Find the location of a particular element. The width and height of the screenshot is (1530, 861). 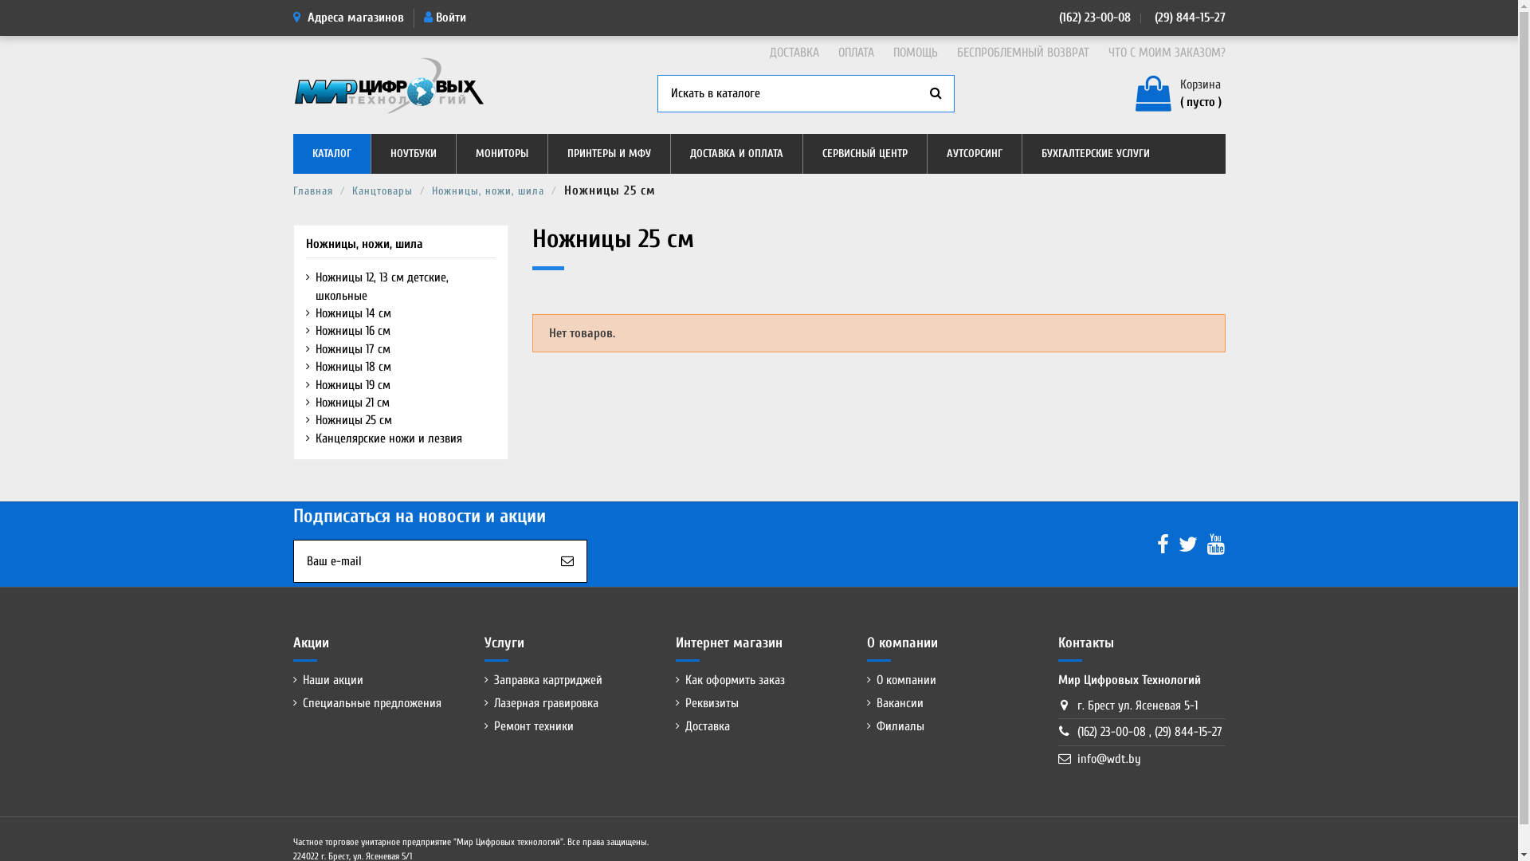

'(29) 844-15-27' is located at coordinates (1188, 18).